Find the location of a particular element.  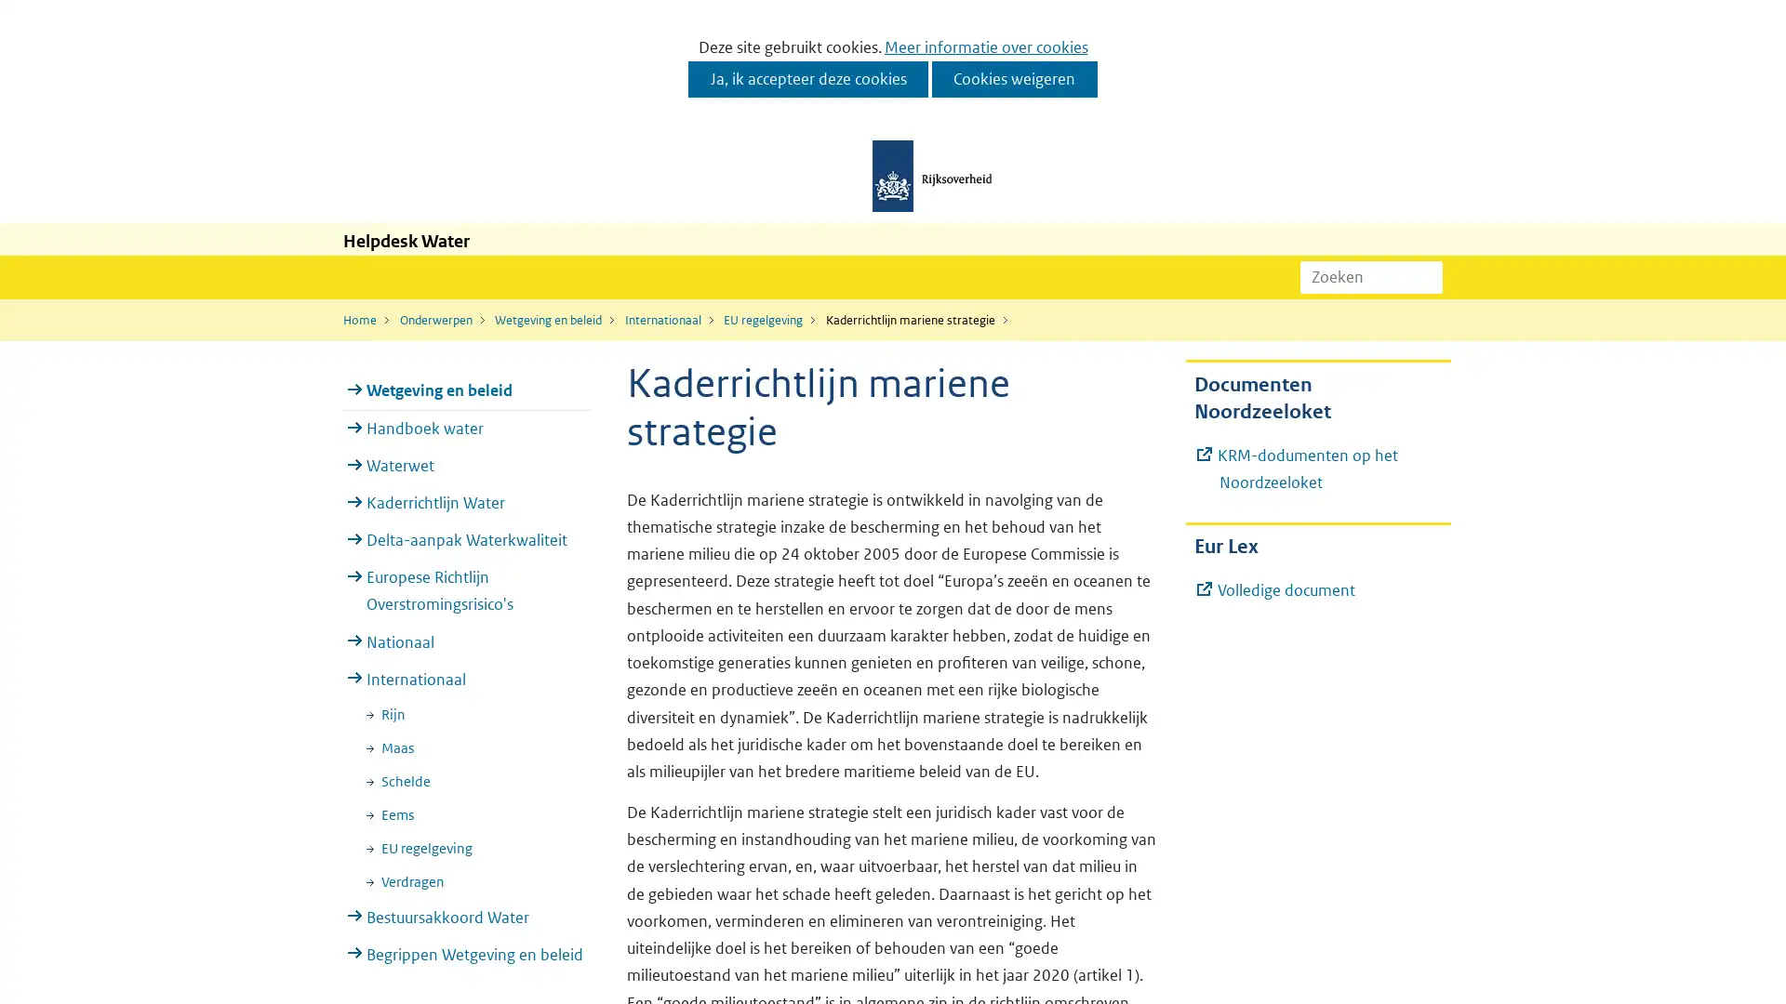

Zoeken is located at coordinates (1427, 276).